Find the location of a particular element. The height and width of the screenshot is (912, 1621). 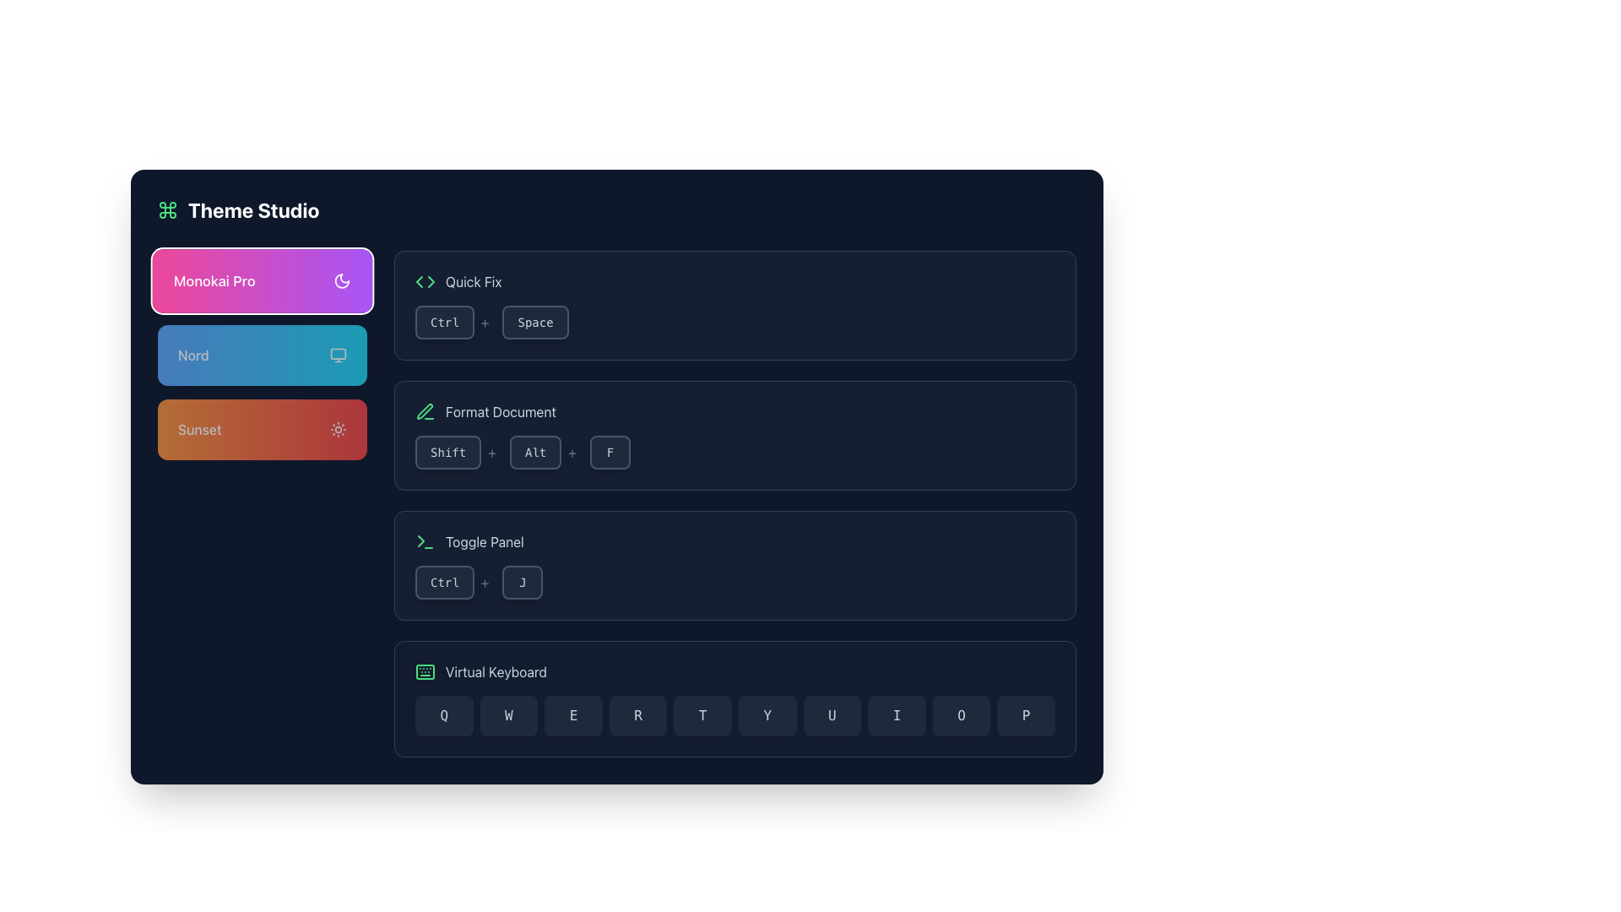

the 'Monokai Pro' label, which displays the text in medium-weight font on a gradient background from pink to purple, located in the theming options group at the top-left of the interface is located at coordinates (214, 280).